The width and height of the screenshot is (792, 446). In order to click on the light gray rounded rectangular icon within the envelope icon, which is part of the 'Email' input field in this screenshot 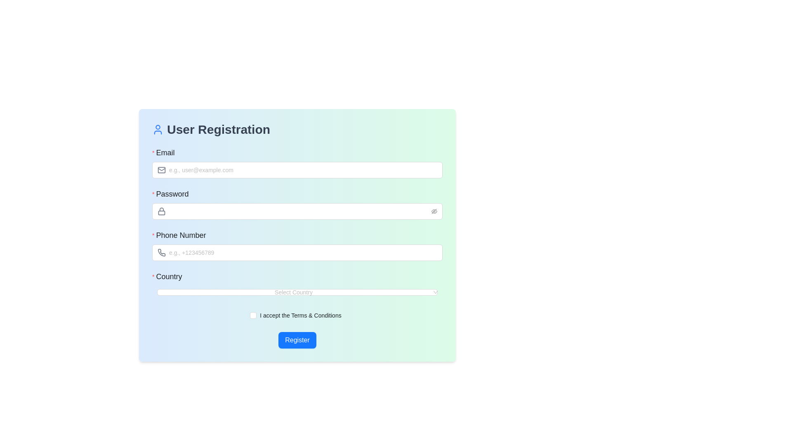, I will do `click(162, 170)`.